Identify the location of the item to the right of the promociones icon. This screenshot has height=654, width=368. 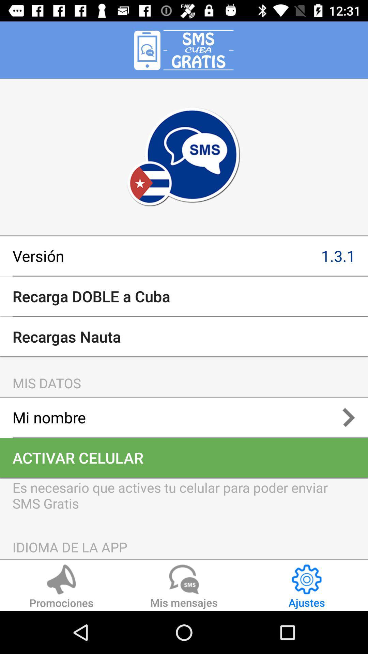
(184, 587).